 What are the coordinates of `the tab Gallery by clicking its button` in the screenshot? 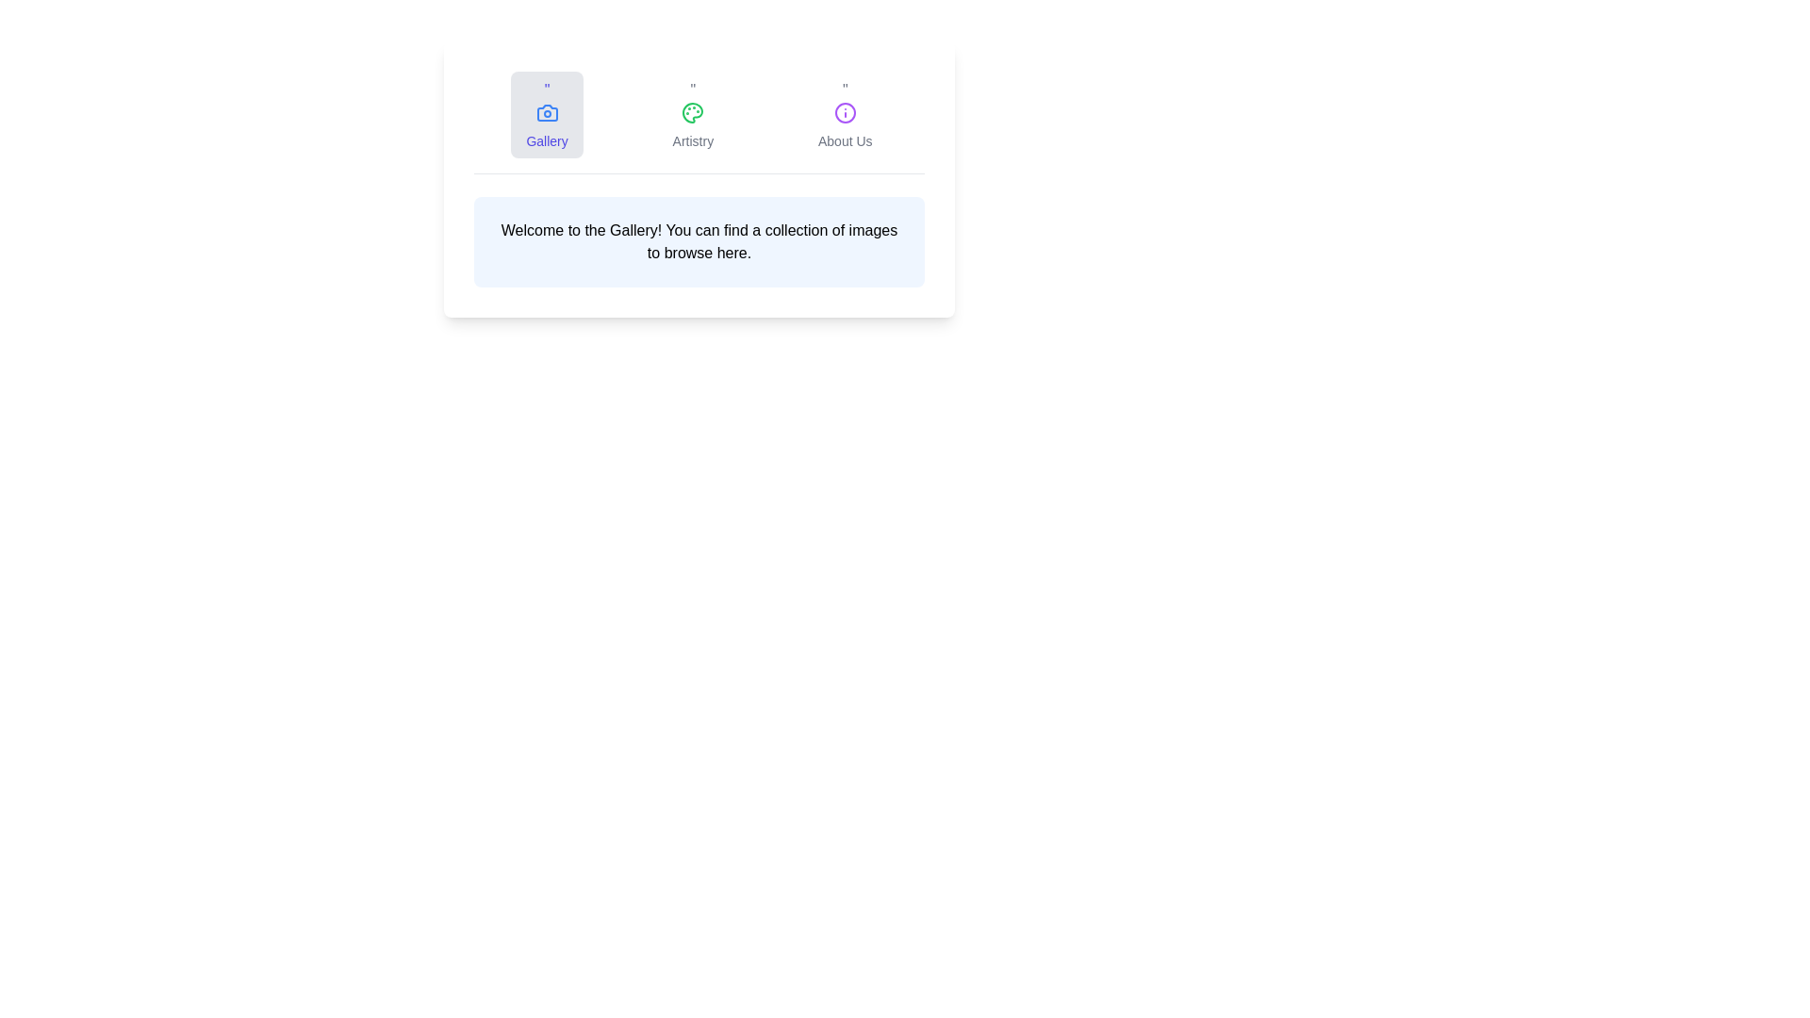 It's located at (546, 115).